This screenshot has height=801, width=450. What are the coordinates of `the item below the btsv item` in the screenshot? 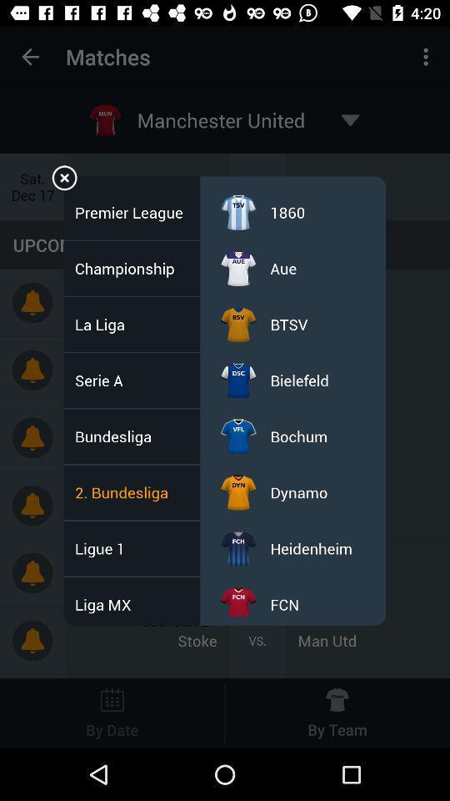 It's located at (298, 380).